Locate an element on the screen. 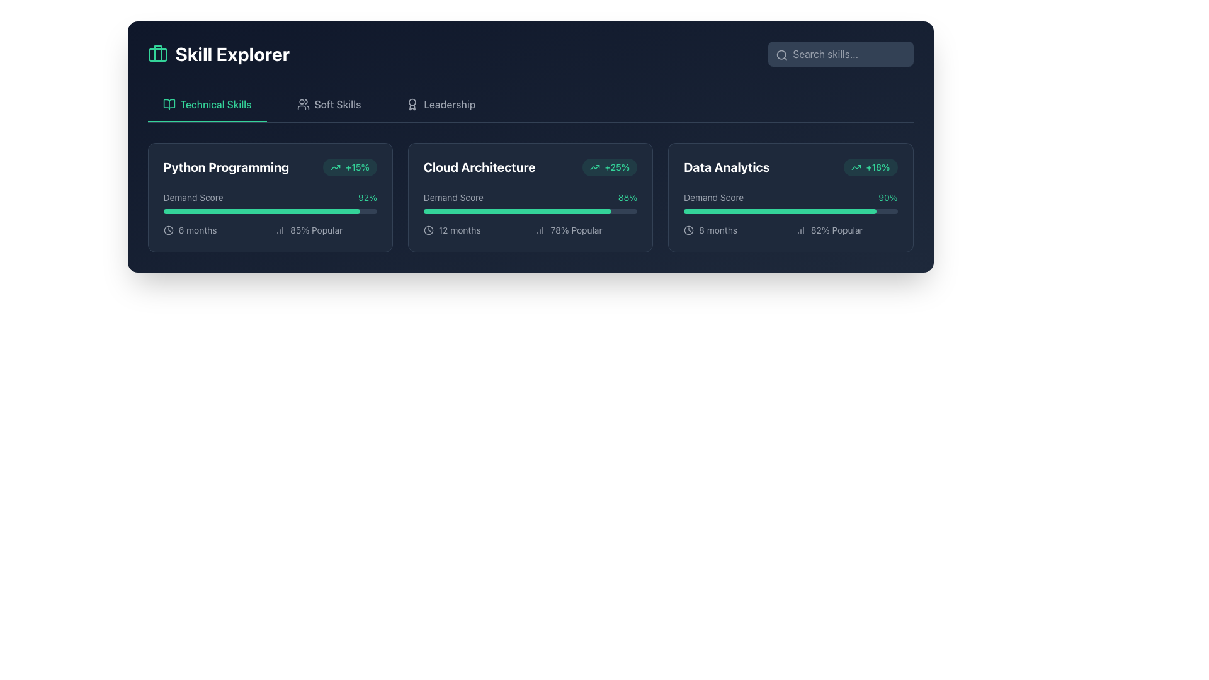 The image size is (1209, 680). the 'Data Analytics' title and growth percentage indicator on the rightmost card in the 'Skill Explorer' interface is located at coordinates (790, 167).